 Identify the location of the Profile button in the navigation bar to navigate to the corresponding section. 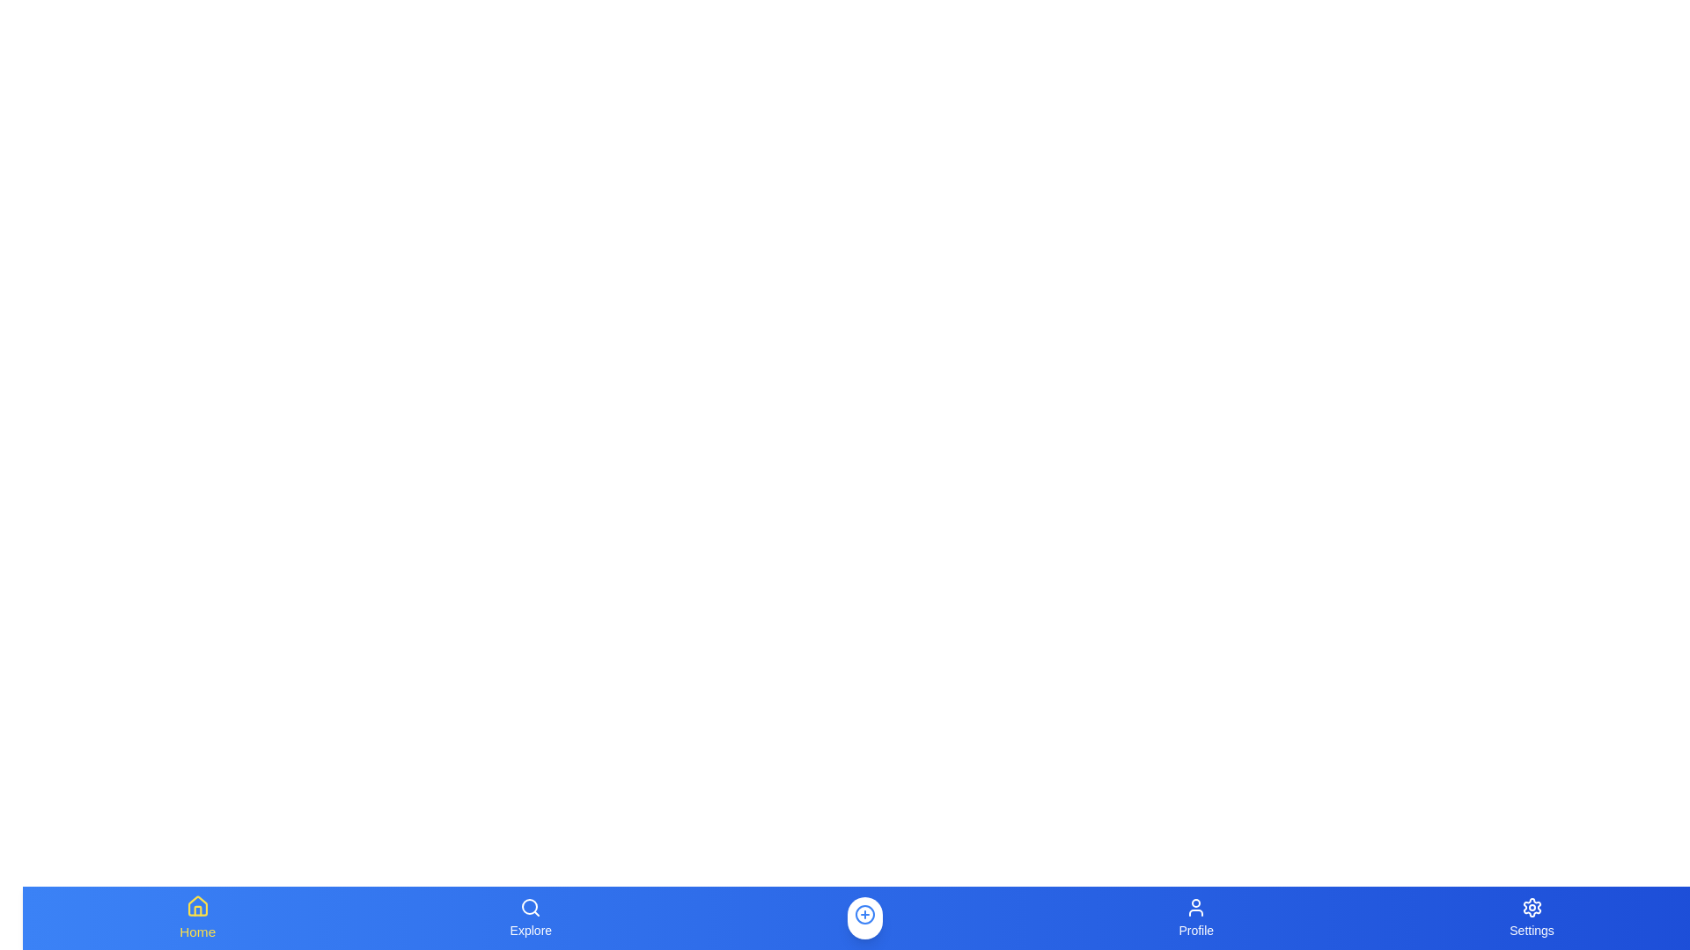
(1195, 917).